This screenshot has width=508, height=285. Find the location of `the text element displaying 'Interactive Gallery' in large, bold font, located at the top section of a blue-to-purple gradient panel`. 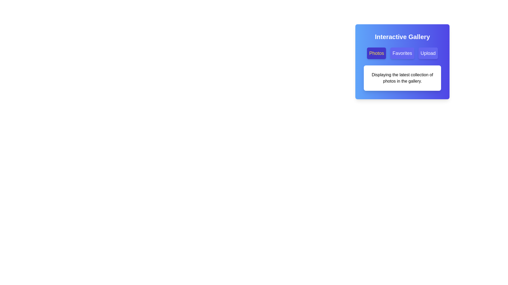

the text element displaying 'Interactive Gallery' in large, bold font, located at the top section of a blue-to-purple gradient panel is located at coordinates (402, 36).